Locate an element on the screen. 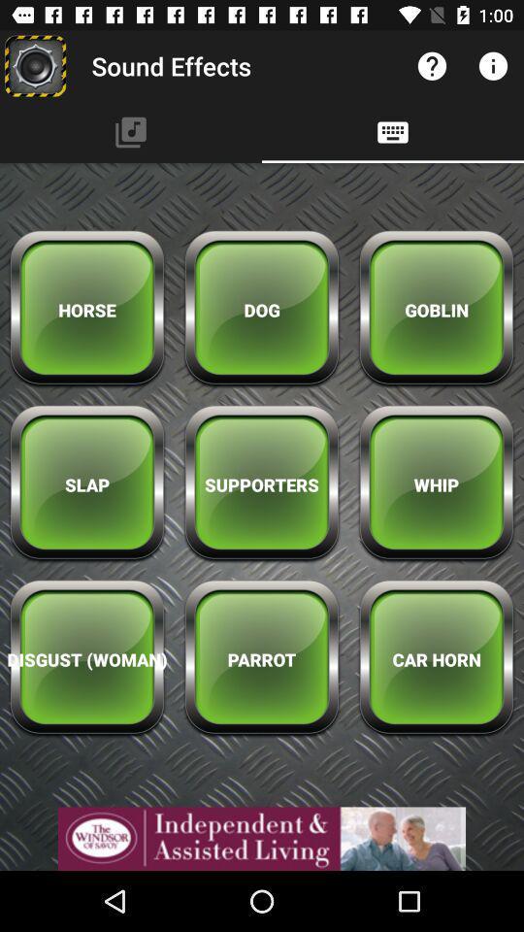 The image size is (524, 932). the music icon is located at coordinates (131, 131).